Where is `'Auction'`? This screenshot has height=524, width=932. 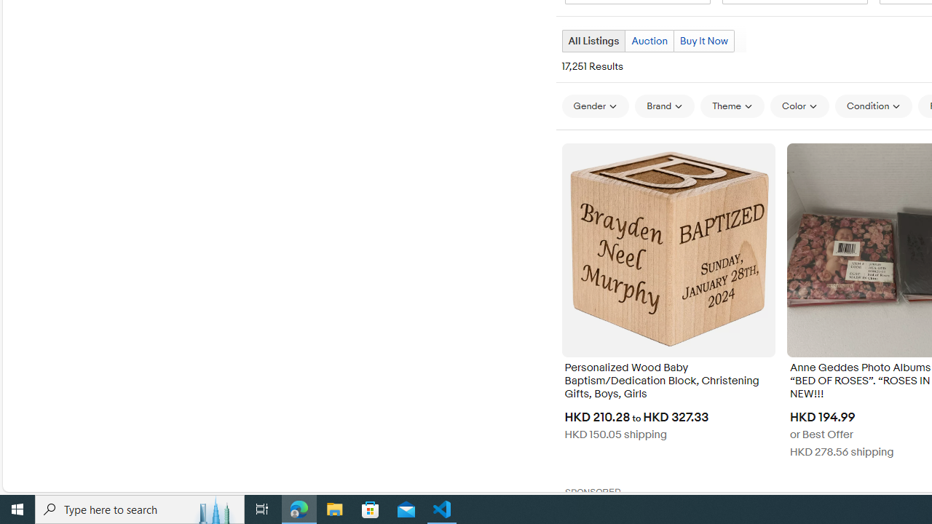
'Auction' is located at coordinates (649, 40).